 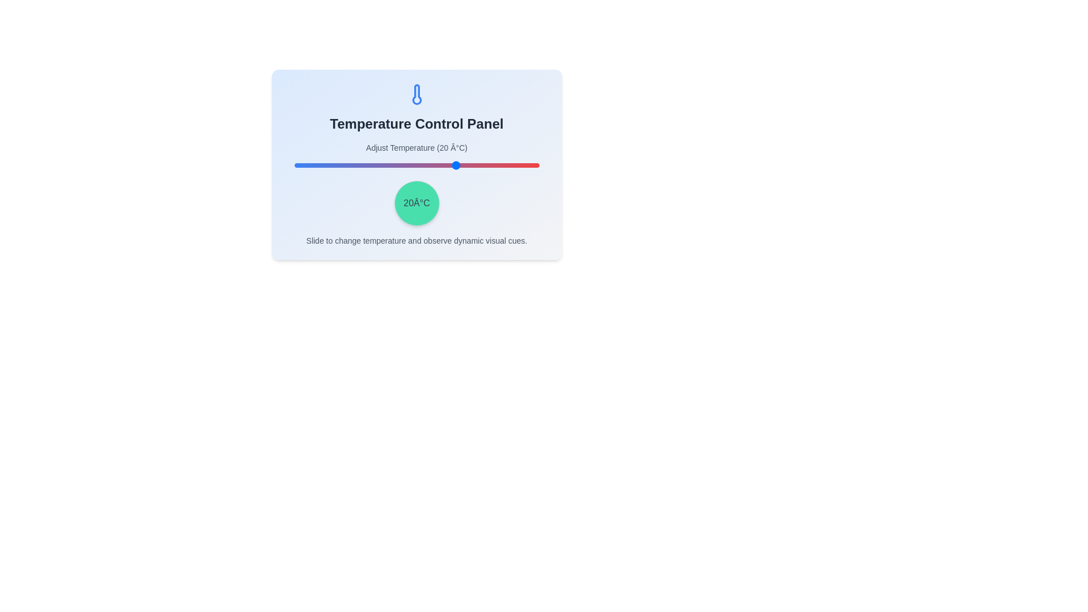 I want to click on the temperature to 3°C using the slider, so click(x=410, y=165).